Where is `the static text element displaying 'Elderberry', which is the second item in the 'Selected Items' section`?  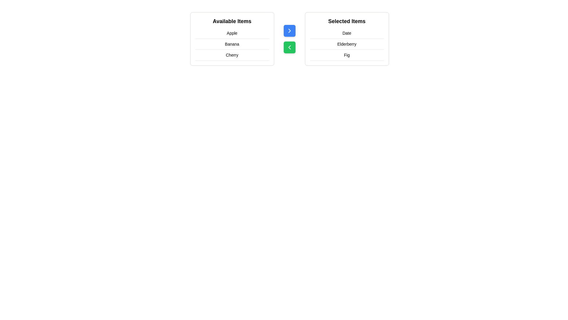 the static text element displaying 'Elderberry', which is the second item in the 'Selected Items' section is located at coordinates (347, 44).